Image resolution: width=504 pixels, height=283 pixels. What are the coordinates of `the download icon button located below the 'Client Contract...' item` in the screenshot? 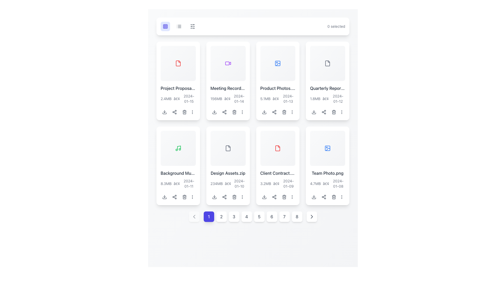 It's located at (264, 197).